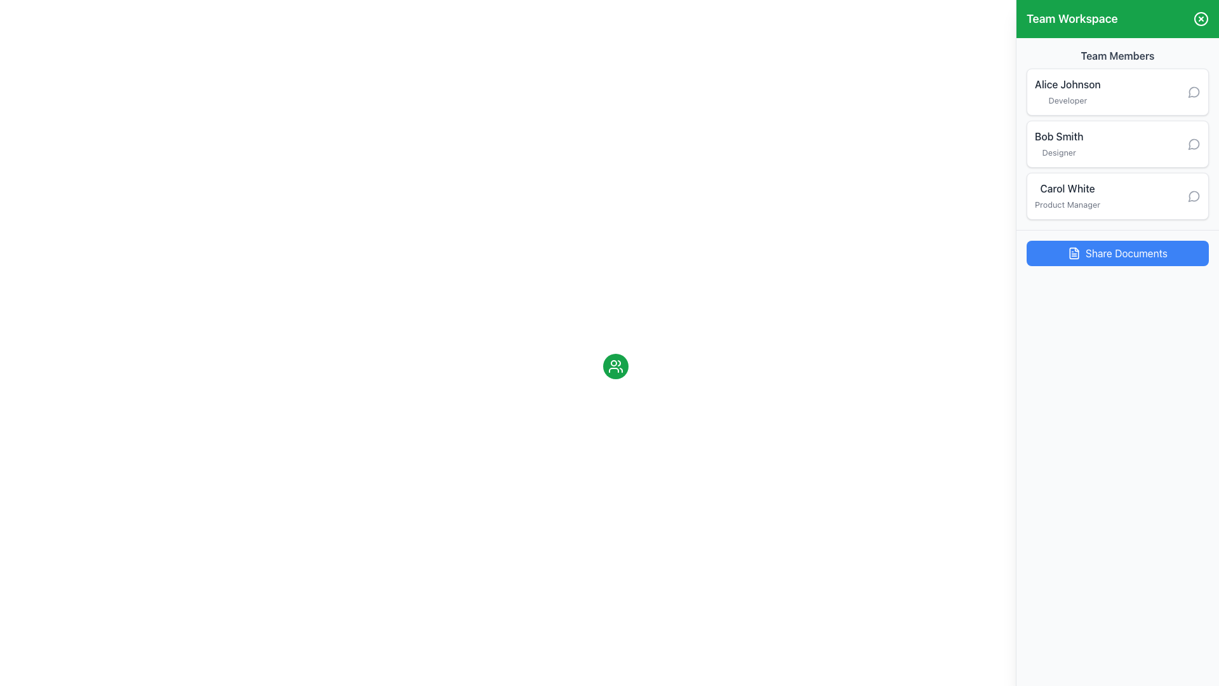  Describe the element at coordinates (1193, 91) in the screenshot. I see `the circular chat icon located on the far right side of the 'Alice Johnson' entry in the 'Team Members' section to initiate a chat` at that location.